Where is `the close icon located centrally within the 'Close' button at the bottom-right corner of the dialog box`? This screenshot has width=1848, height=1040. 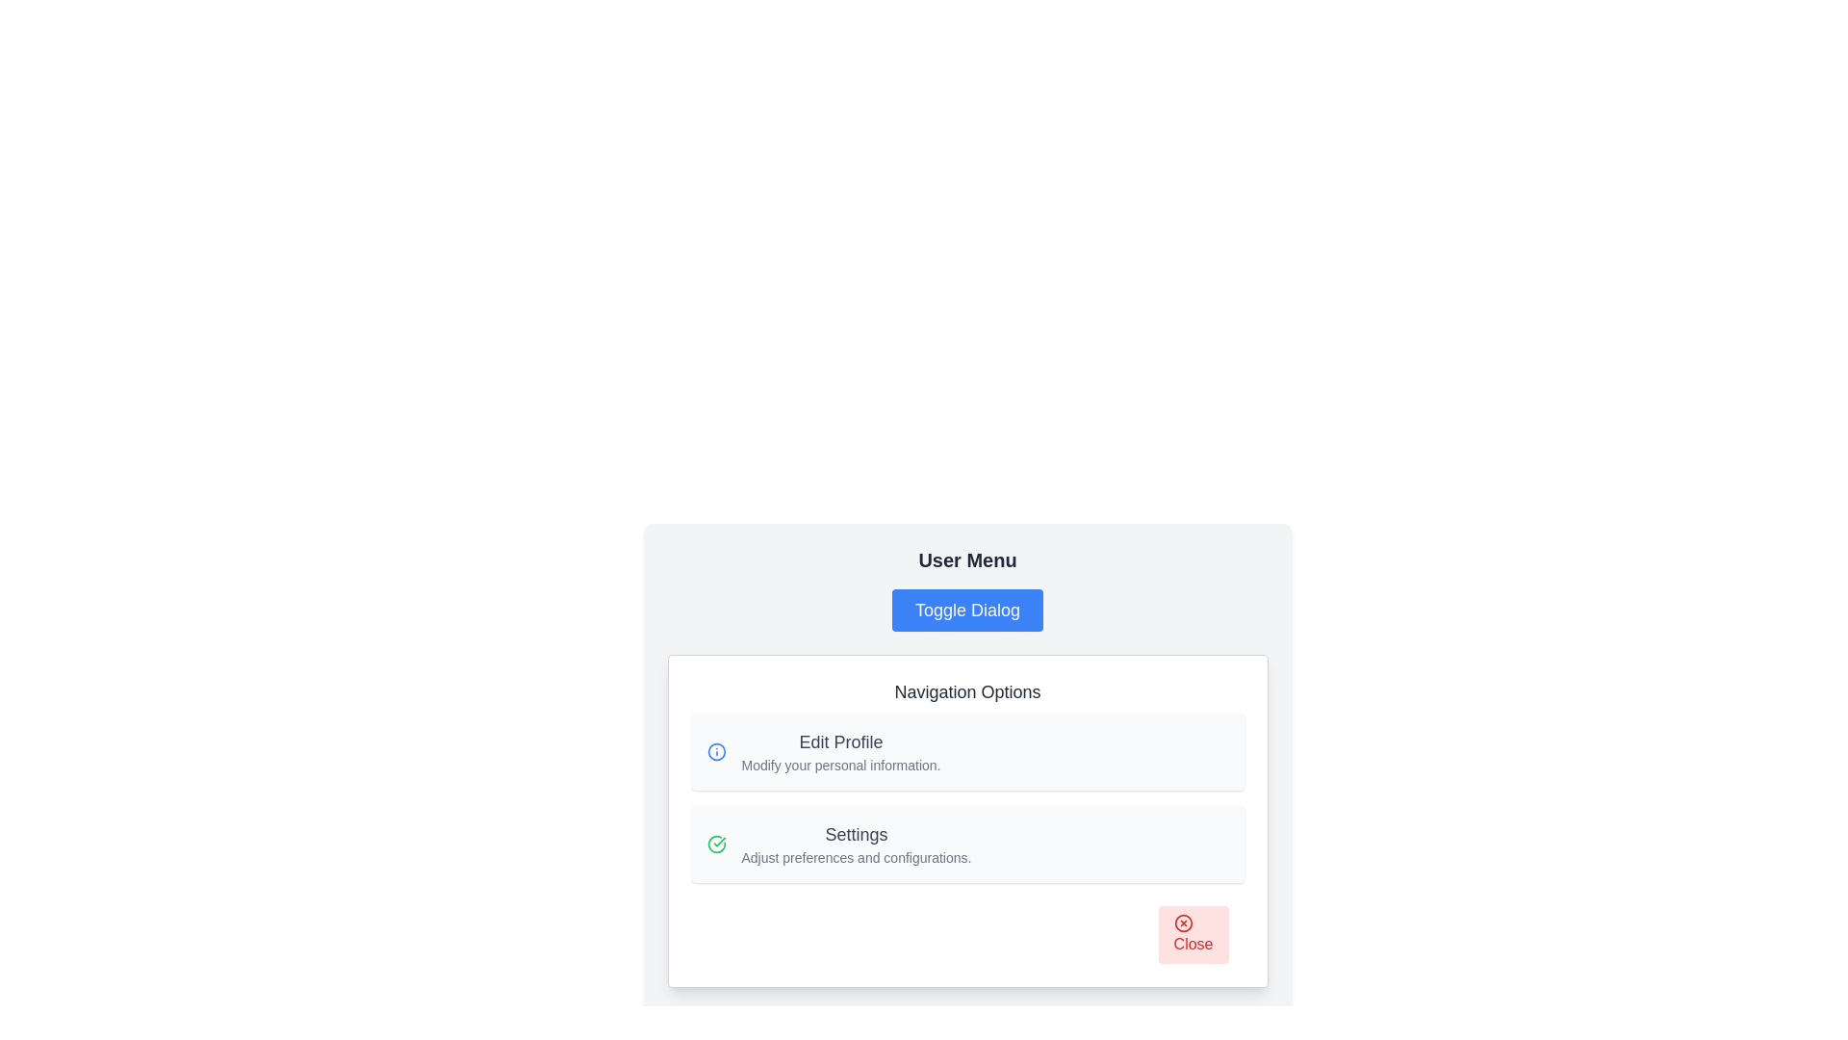 the close icon located centrally within the 'Close' button at the bottom-right corner of the dialog box is located at coordinates (1182, 923).